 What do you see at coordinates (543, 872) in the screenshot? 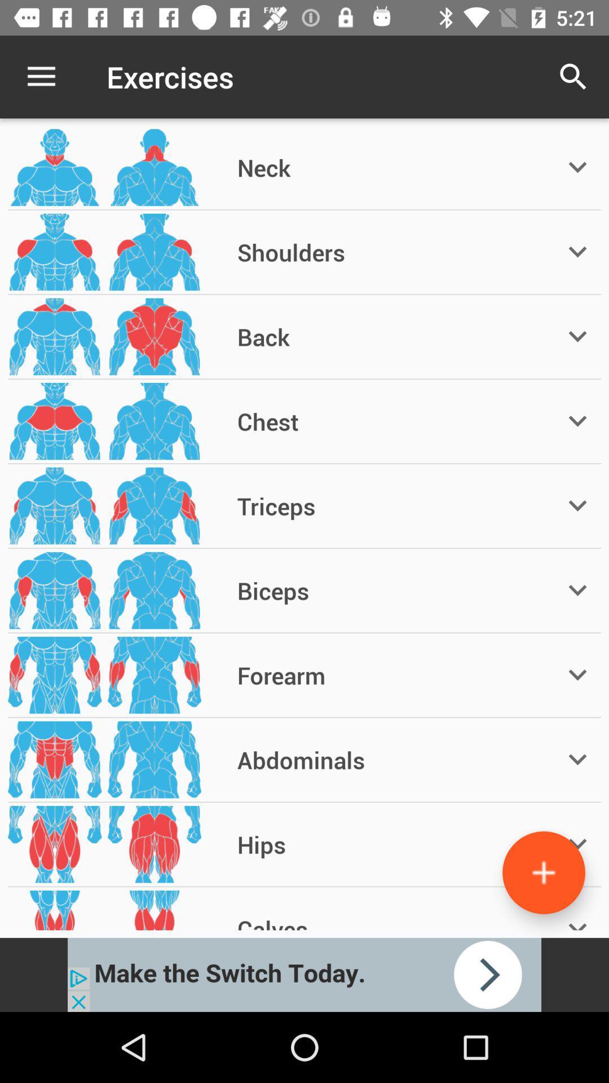
I see `the add icon` at bounding box center [543, 872].